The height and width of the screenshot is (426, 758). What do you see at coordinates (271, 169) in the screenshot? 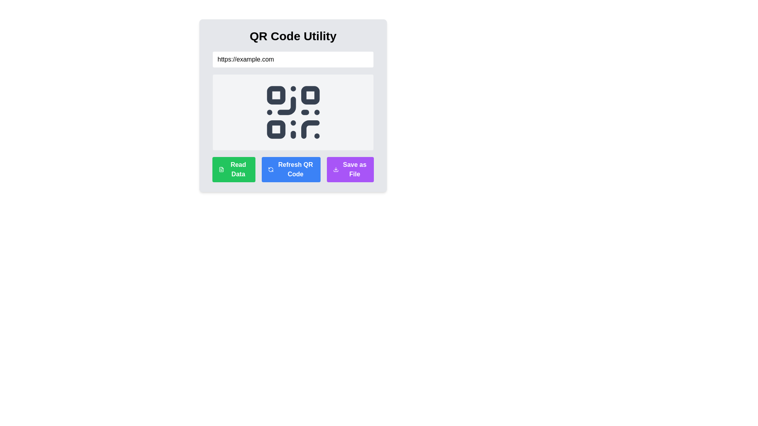
I see `the decorative indicator icon for the 'Refresh QR Code' button, which is horizontally aligned towards the left and vertically centered within the button` at bounding box center [271, 169].